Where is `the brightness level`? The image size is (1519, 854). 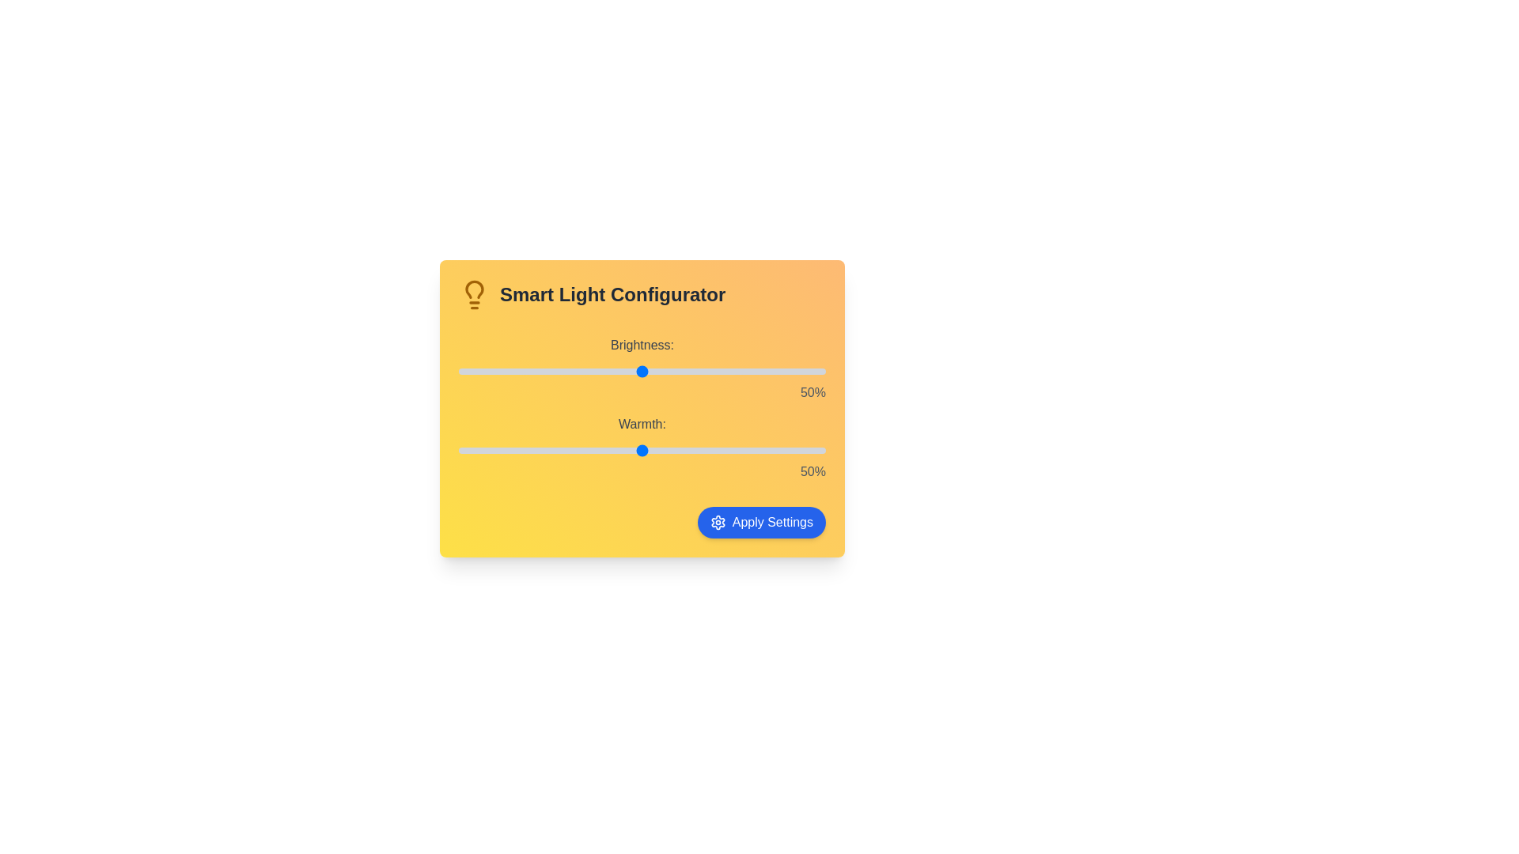 the brightness level is located at coordinates (582, 372).